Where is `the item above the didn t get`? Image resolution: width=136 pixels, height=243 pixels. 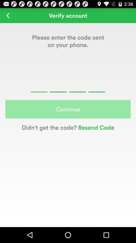 the item above the didn t get is located at coordinates (68, 109).